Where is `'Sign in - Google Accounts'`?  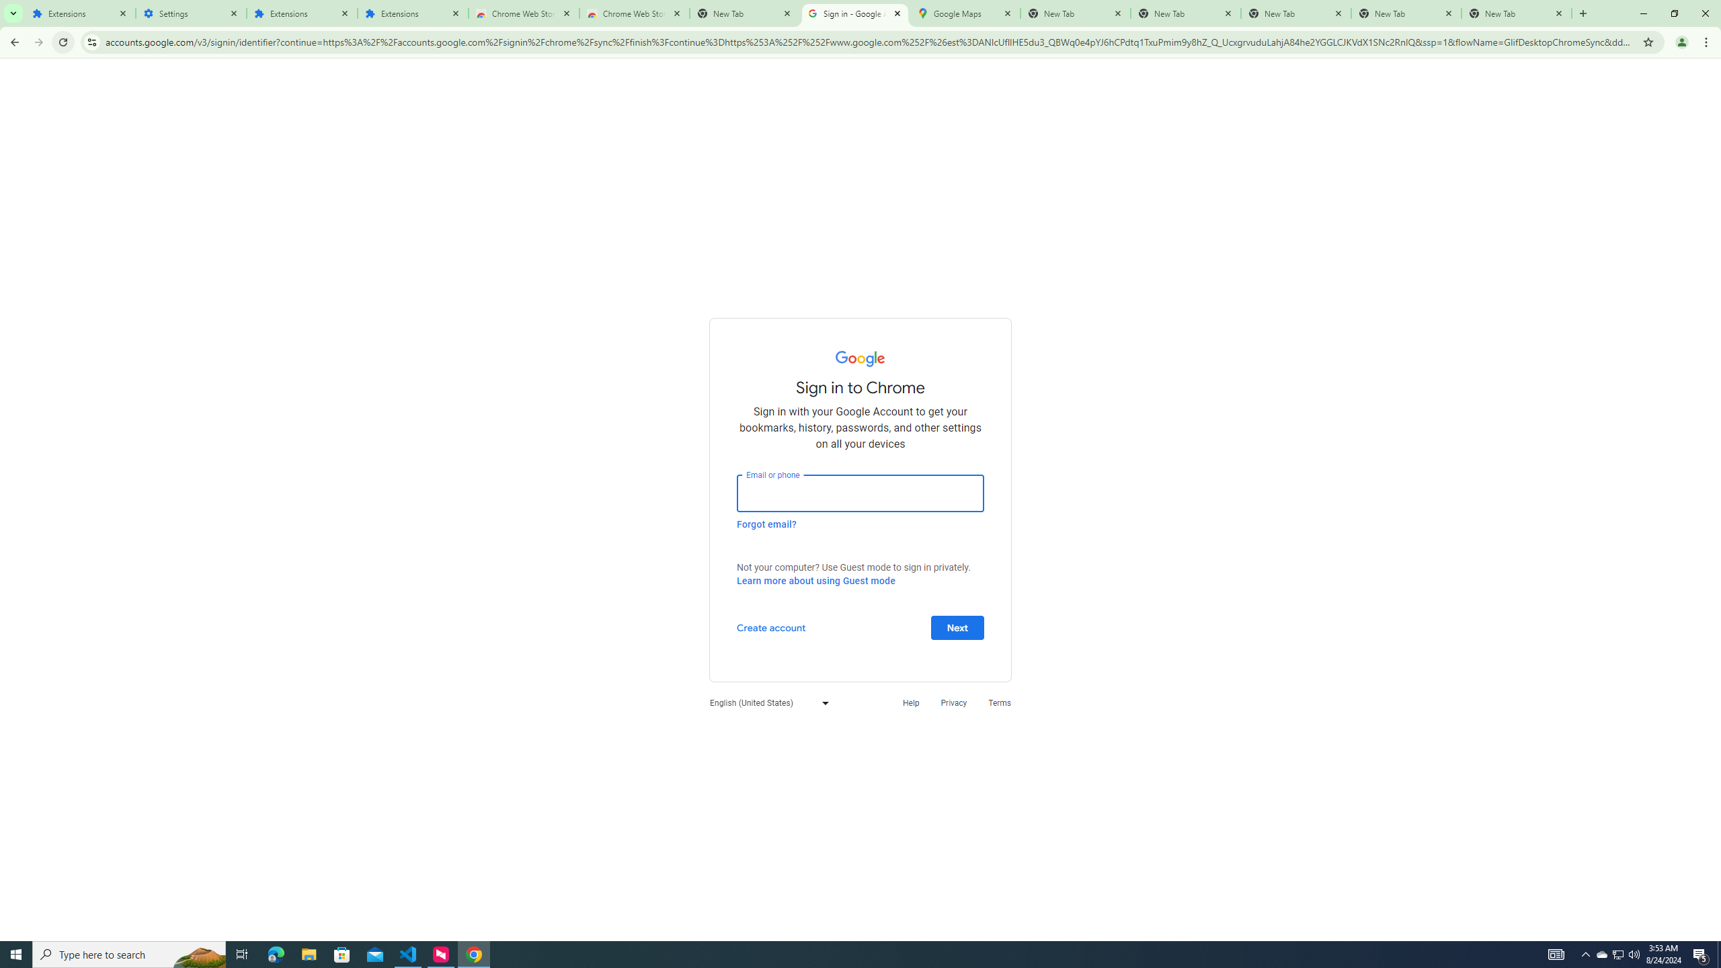
'Sign in - Google Accounts' is located at coordinates (854, 13).